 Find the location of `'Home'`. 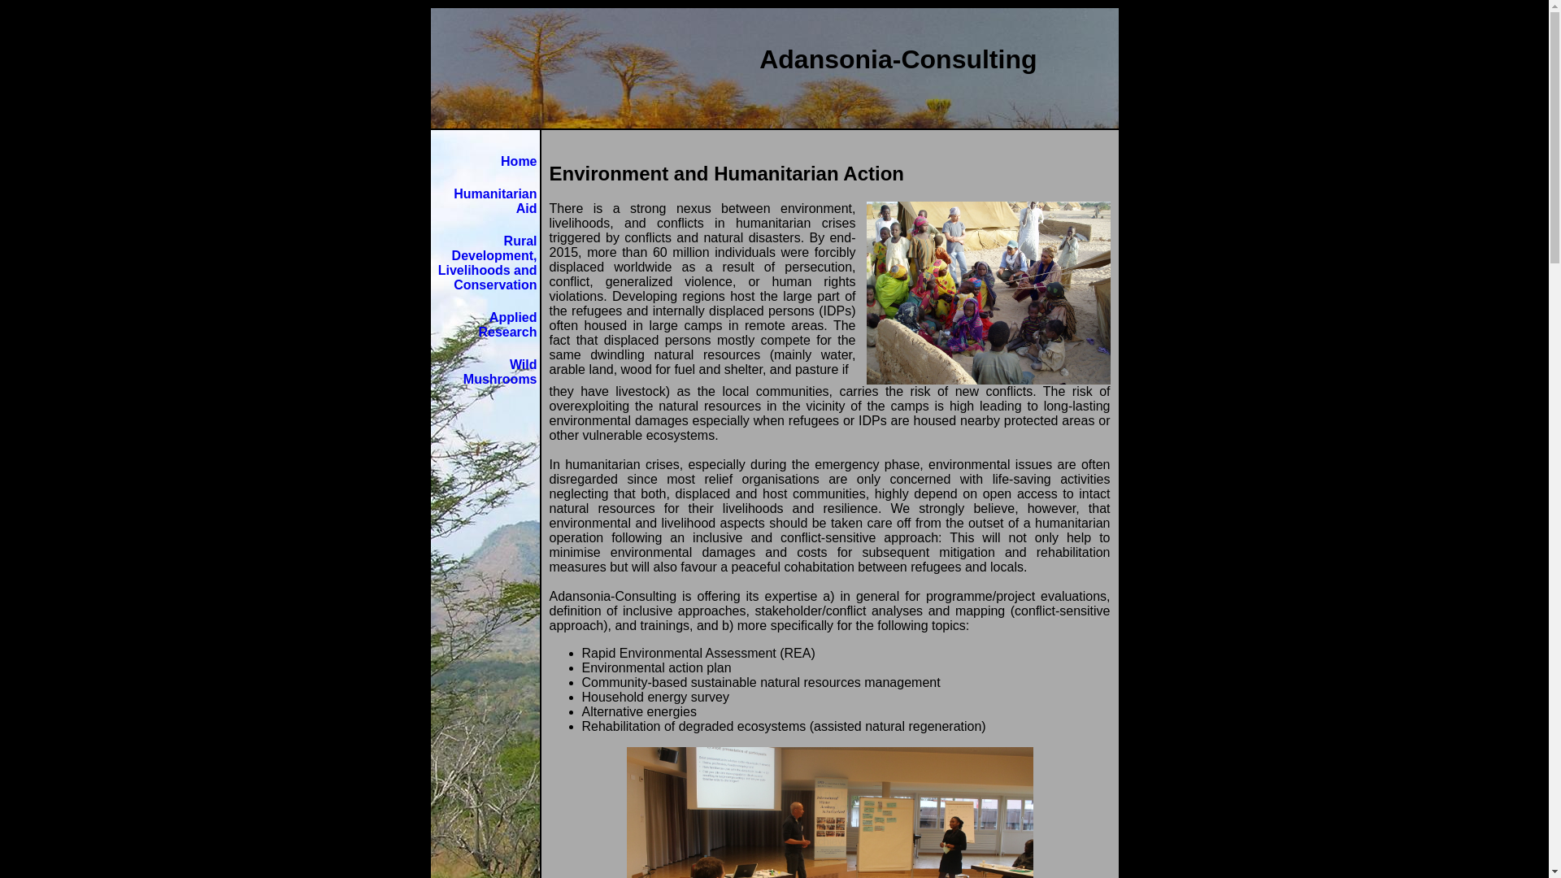

'Home' is located at coordinates (518, 161).